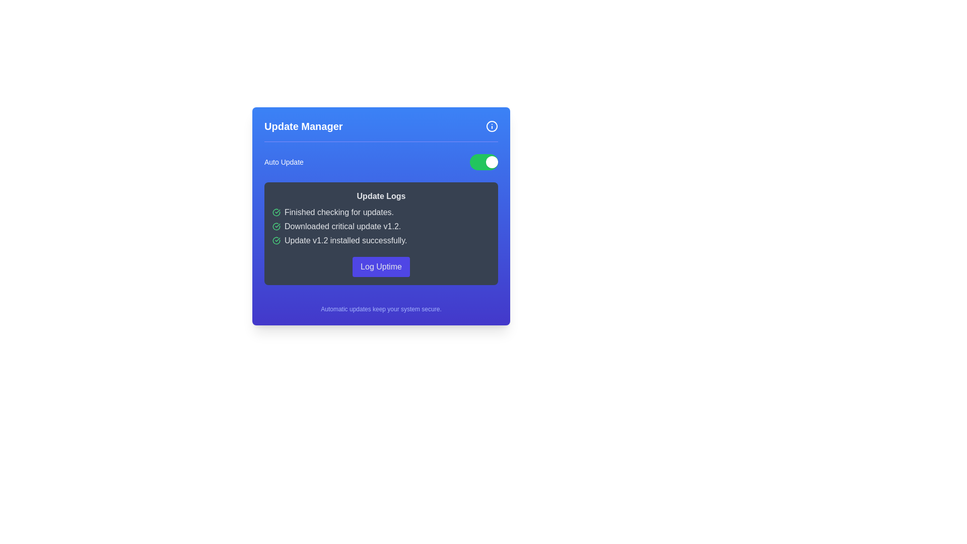  I want to click on the green toggle switch of the 'Auto Update' element to change its state, so click(381, 161).